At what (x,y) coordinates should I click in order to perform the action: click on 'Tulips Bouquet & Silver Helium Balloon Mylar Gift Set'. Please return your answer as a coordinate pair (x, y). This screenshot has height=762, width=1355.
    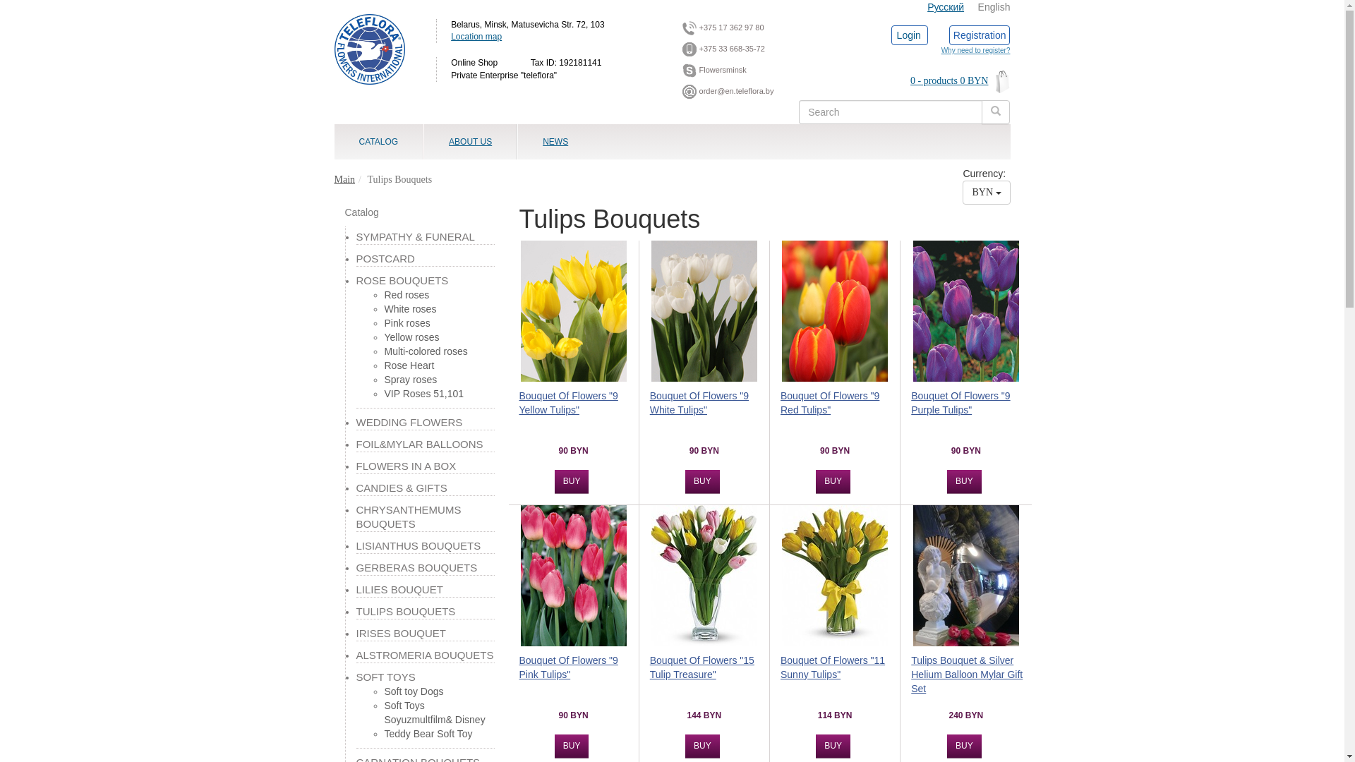
    Looking at the image, I should click on (968, 672).